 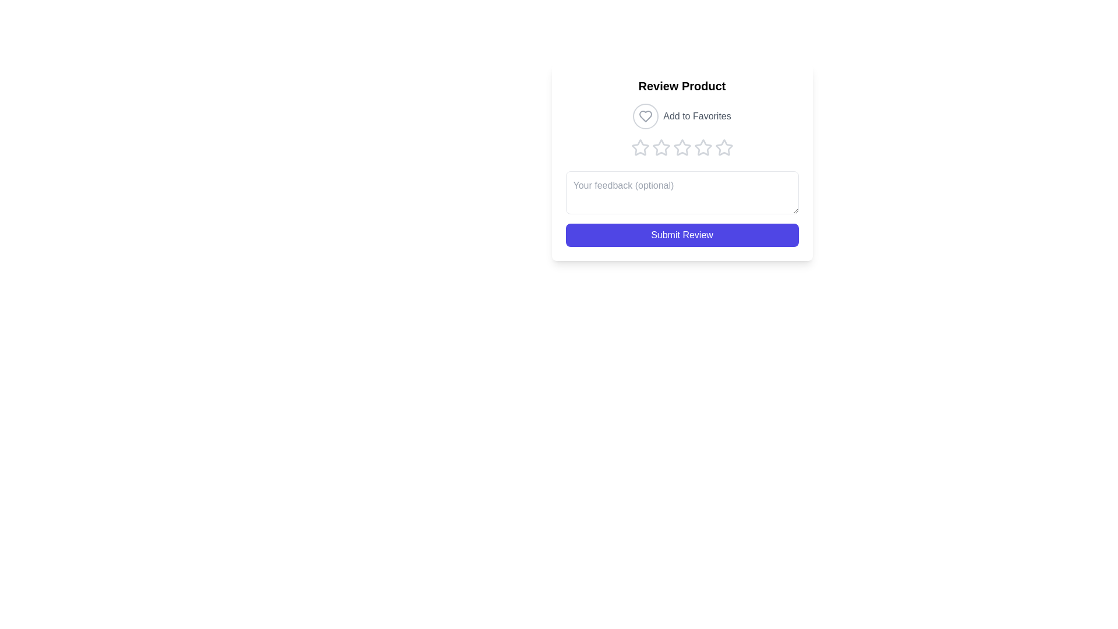 I want to click on the highlighted star-shaped icon in the rating system, which is the second star in a row of five, indicating a selected rating, so click(x=661, y=147).